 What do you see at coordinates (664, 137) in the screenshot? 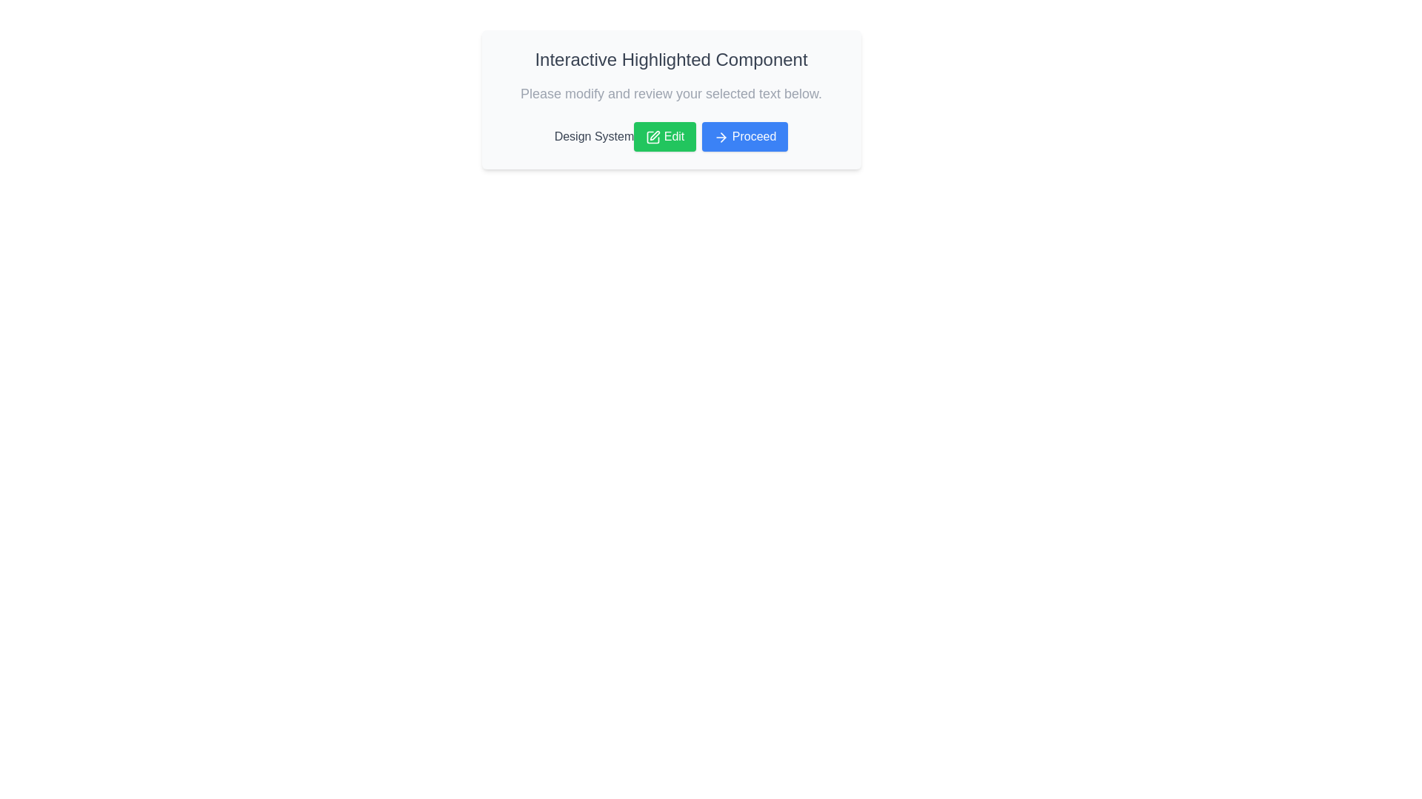
I see `the edit button positioned between the 'Design System' label and the 'Proceed' button` at bounding box center [664, 137].